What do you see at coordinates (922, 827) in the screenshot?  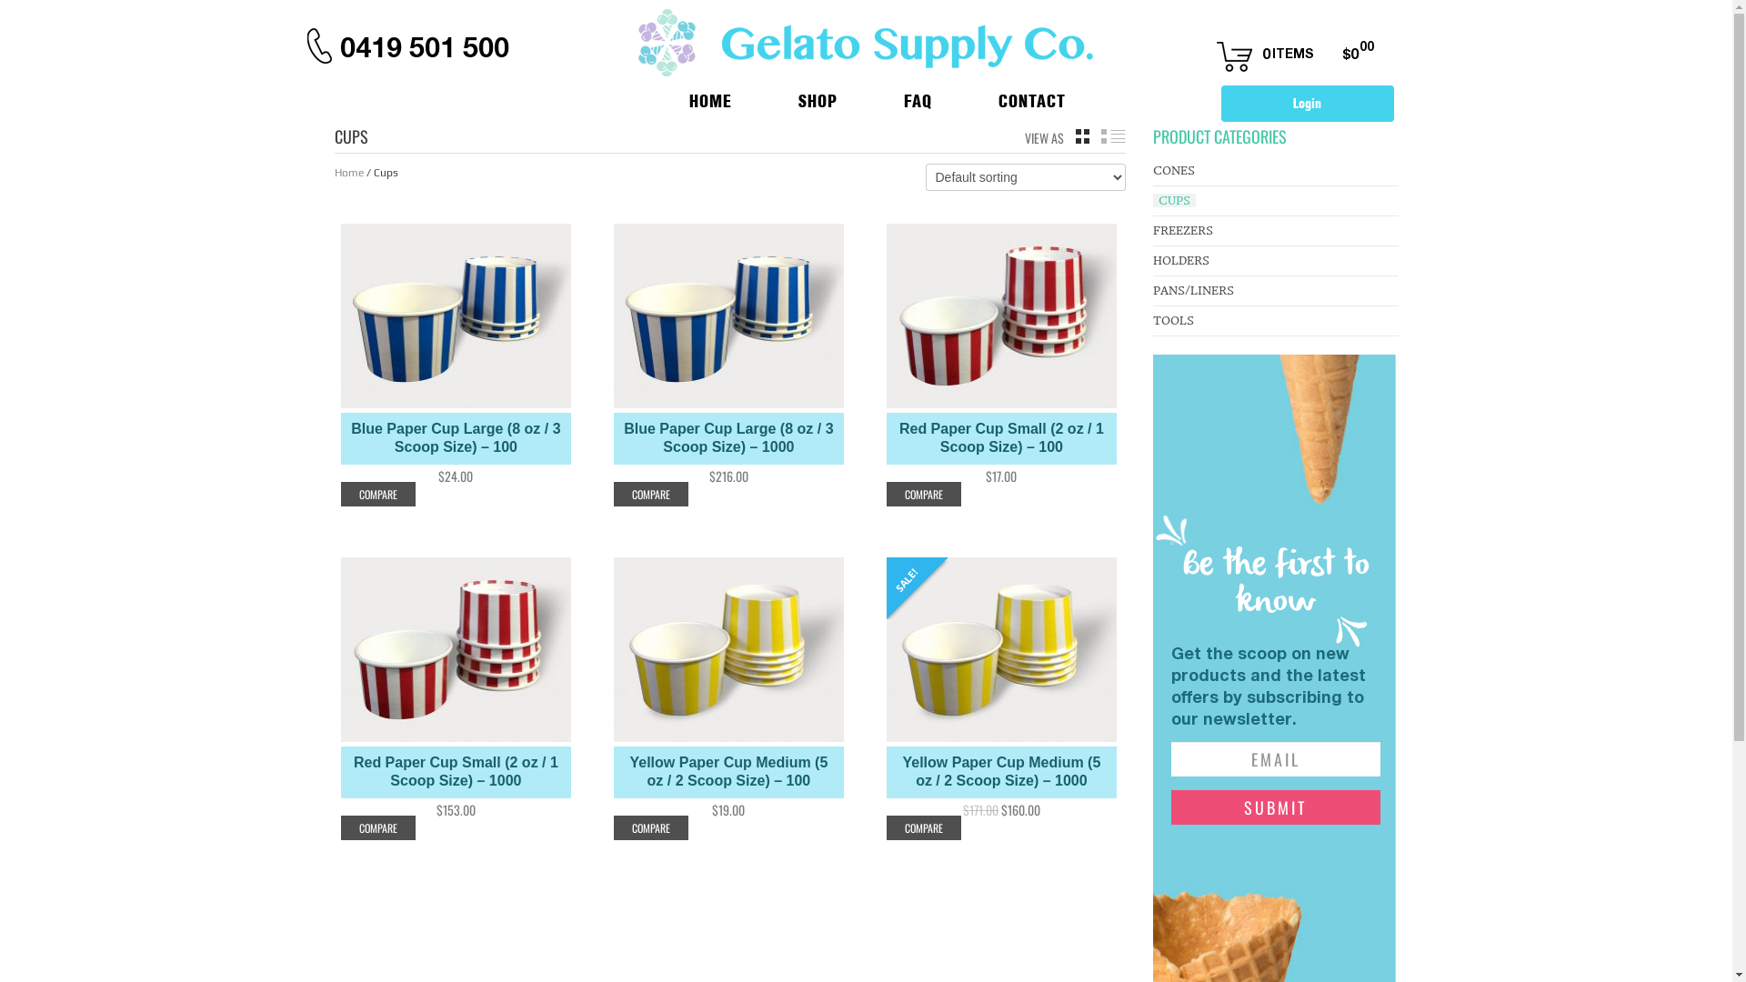 I see `'COMPARE'` at bounding box center [922, 827].